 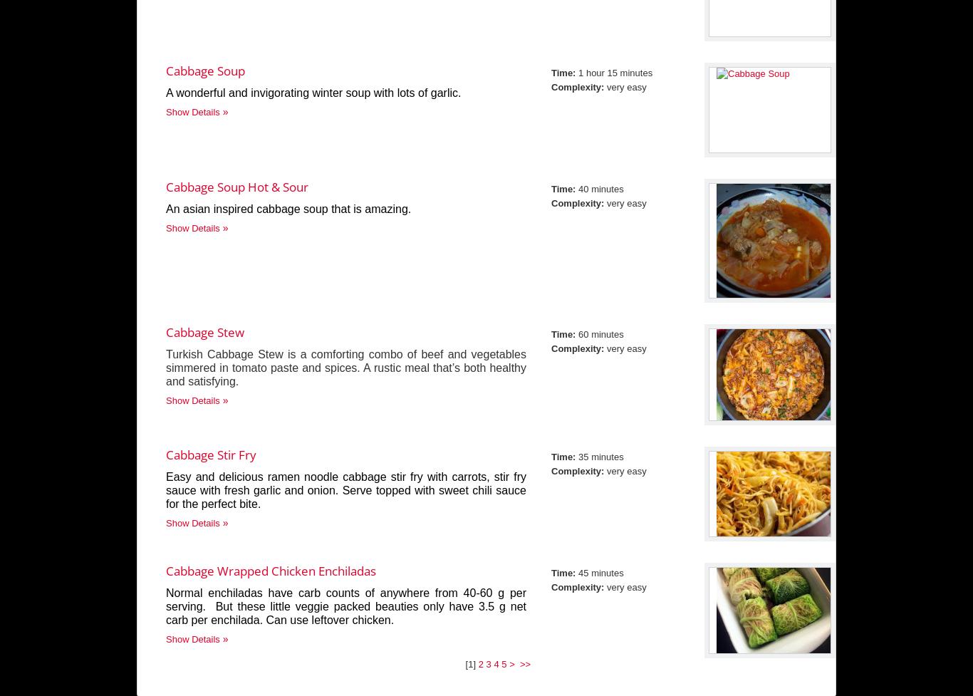 What do you see at coordinates (237, 186) in the screenshot?
I see `'Cabbage Soup Hot & Sour'` at bounding box center [237, 186].